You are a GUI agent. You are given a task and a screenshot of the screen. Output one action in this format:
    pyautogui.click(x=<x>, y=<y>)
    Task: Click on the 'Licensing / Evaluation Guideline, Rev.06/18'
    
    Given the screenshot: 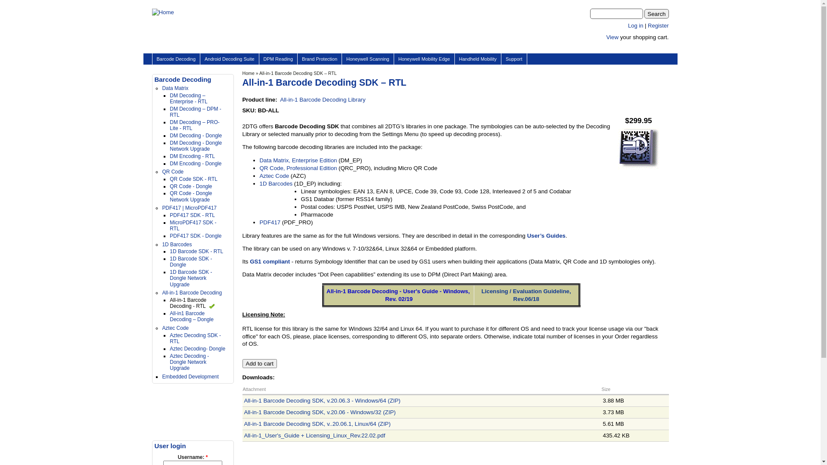 What is the action you would take?
    pyautogui.click(x=526, y=294)
    